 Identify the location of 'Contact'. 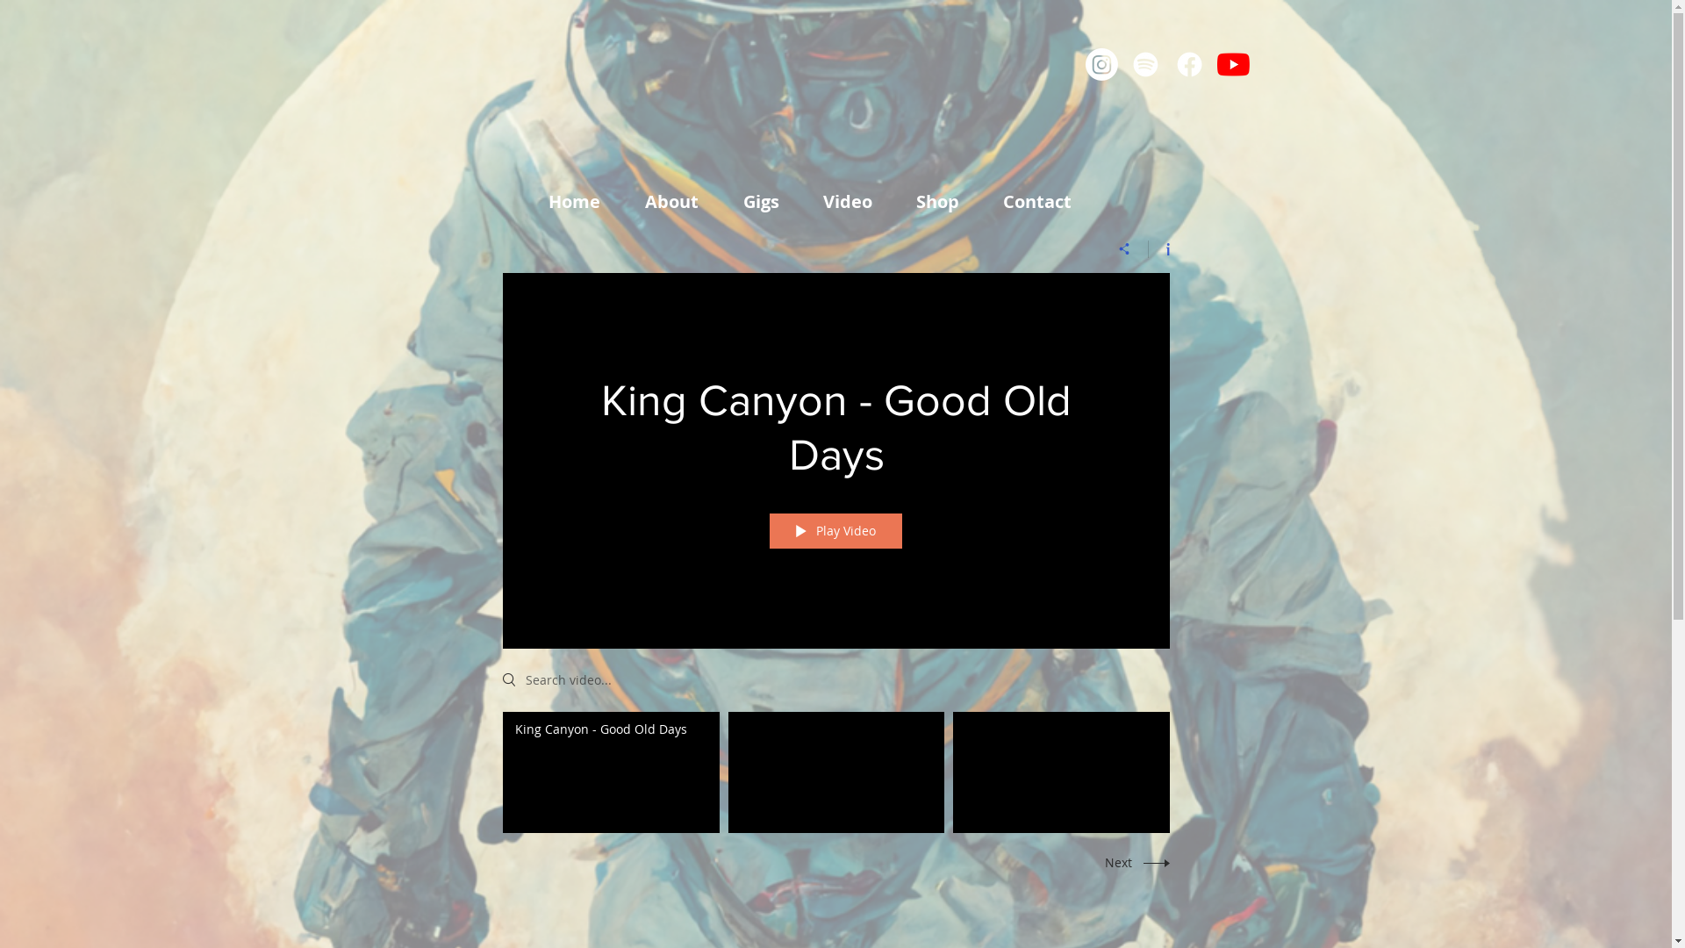
(1045, 201).